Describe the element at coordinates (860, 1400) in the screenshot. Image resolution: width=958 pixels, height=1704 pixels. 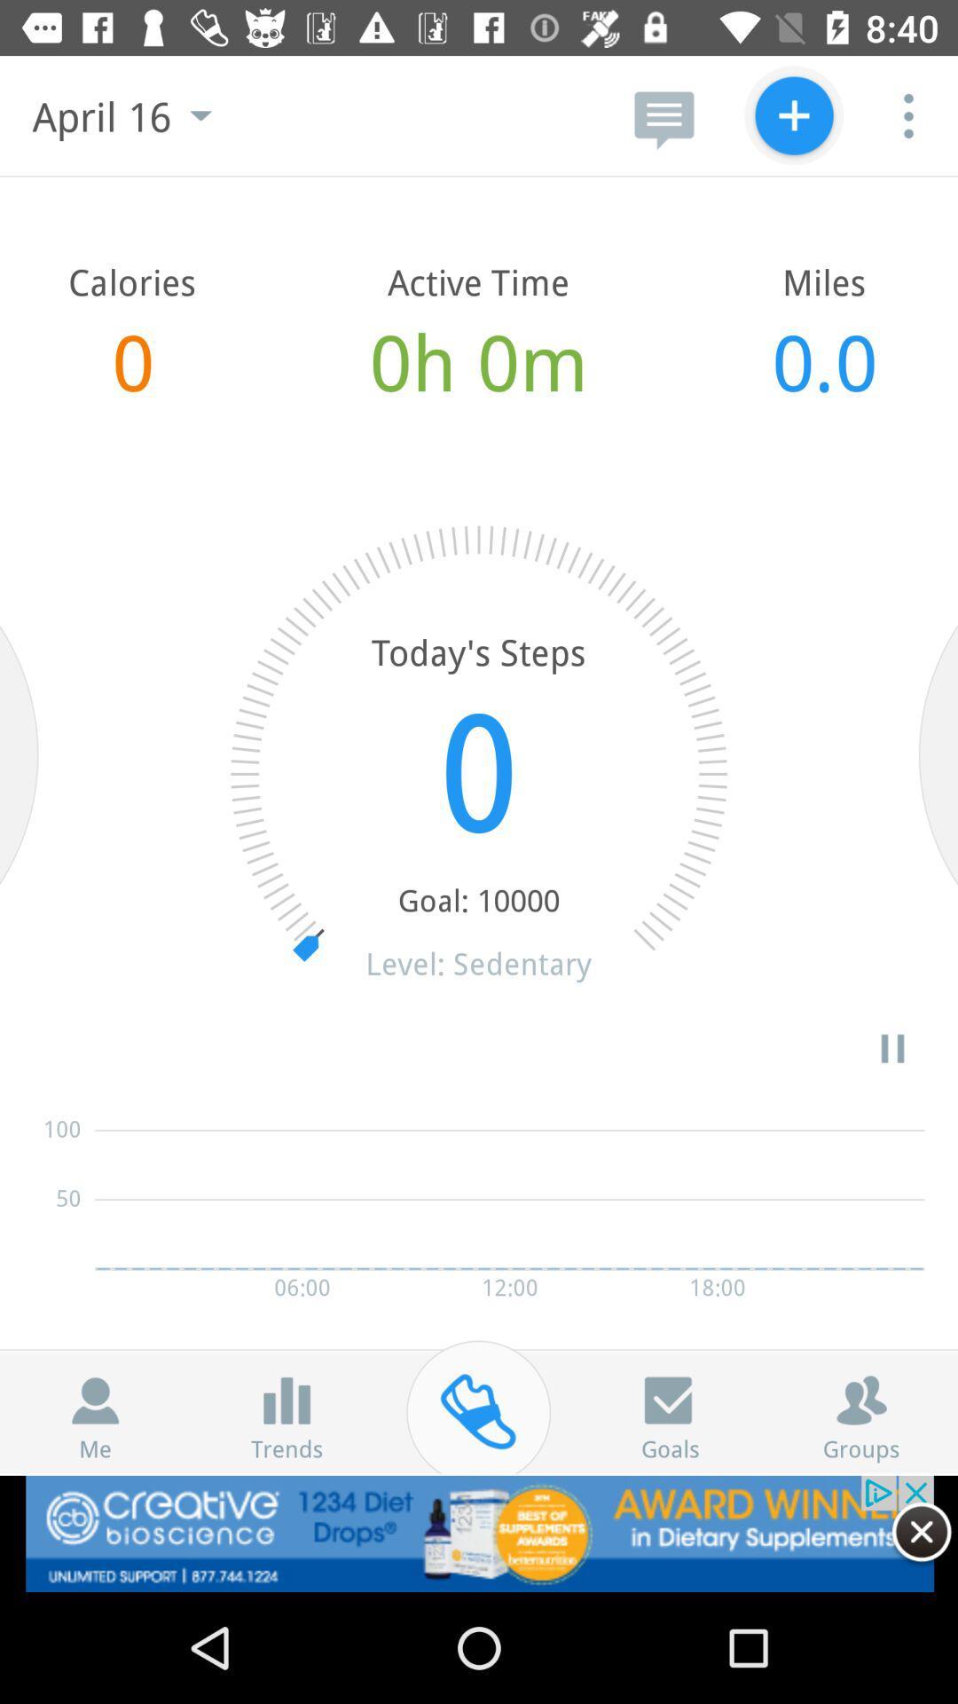
I see `the avatar icon` at that location.